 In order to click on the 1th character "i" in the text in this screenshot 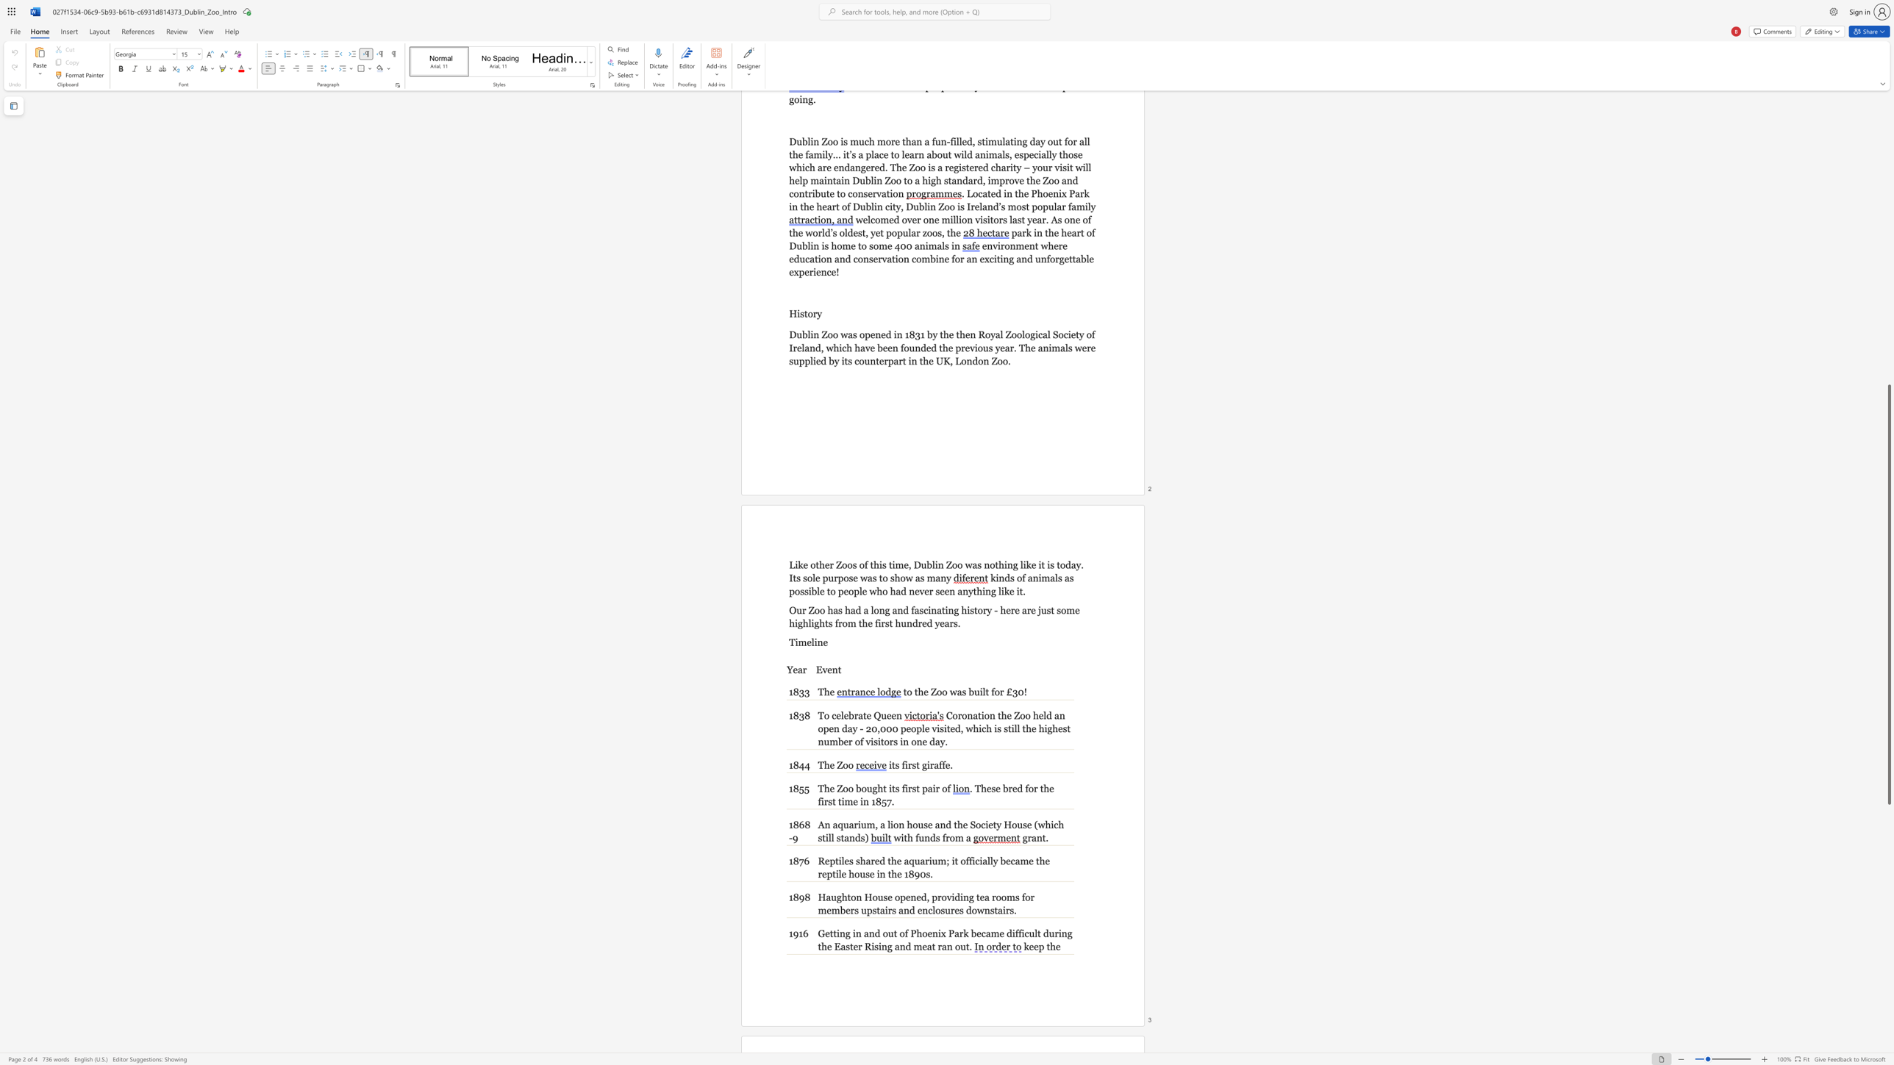, I will do `click(837, 933)`.